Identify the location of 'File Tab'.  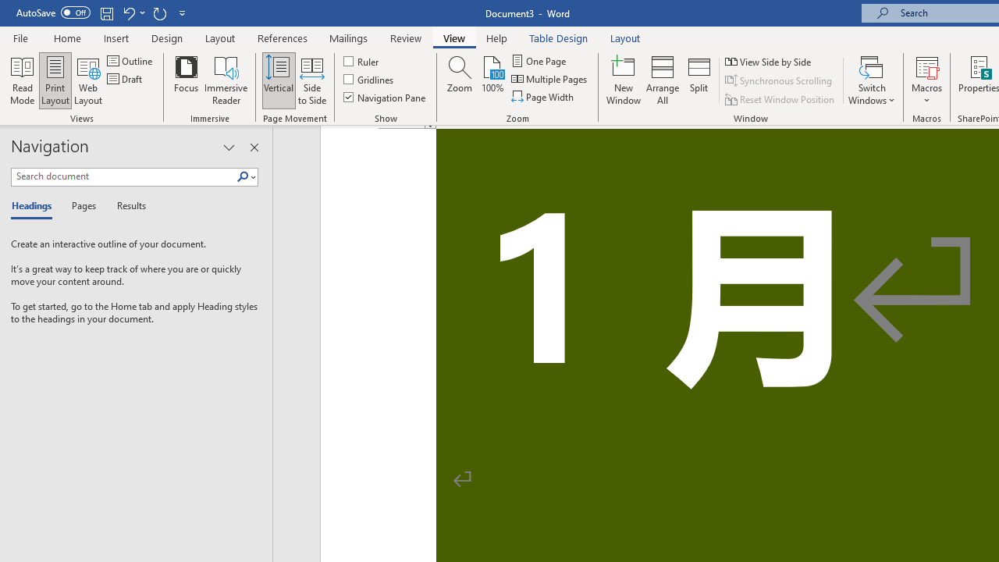
(20, 37).